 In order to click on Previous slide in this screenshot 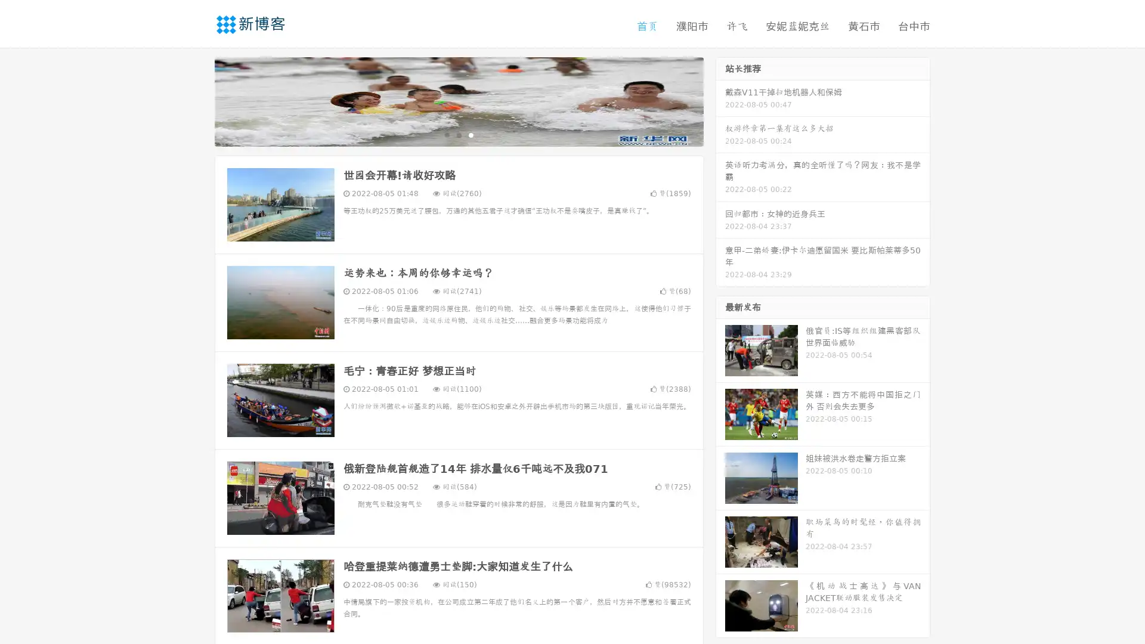, I will do `click(197, 100)`.